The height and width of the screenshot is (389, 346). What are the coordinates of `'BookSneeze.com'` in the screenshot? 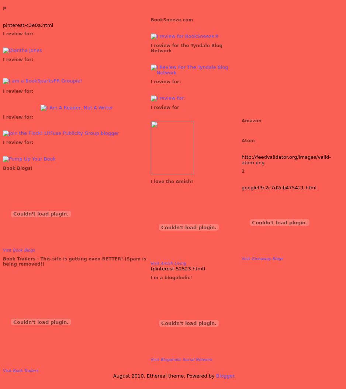 It's located at (171, 20).